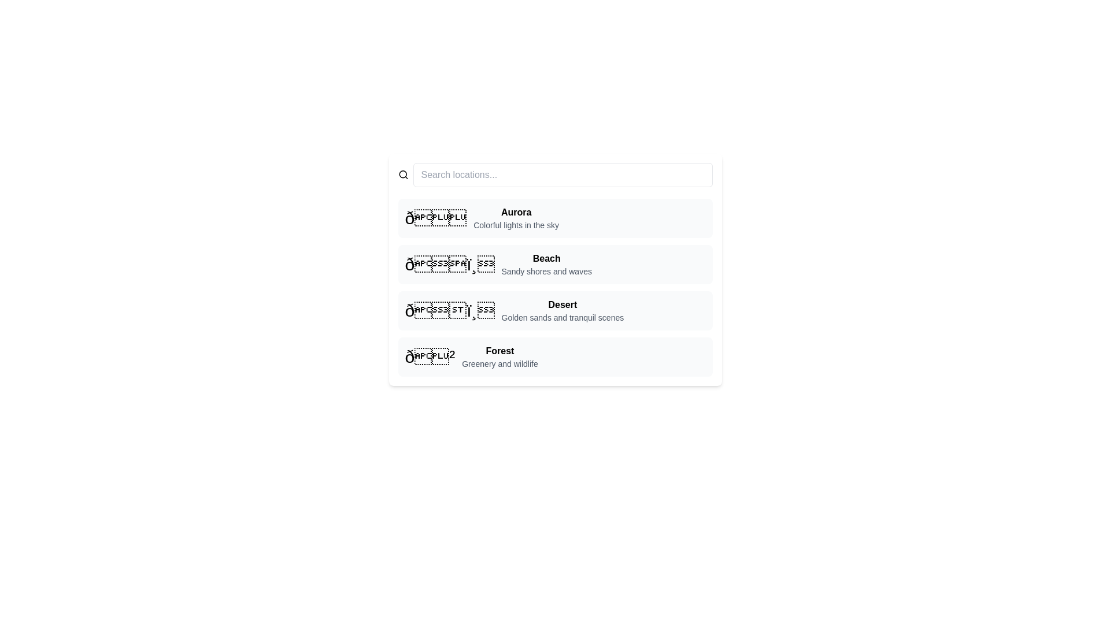 The width and height of the screenshot is (1110, 624). Describe the element at coordinates (563, 310) in the screenshot. I see `the descriptive text block associated with the 'Desert' category` at that location.